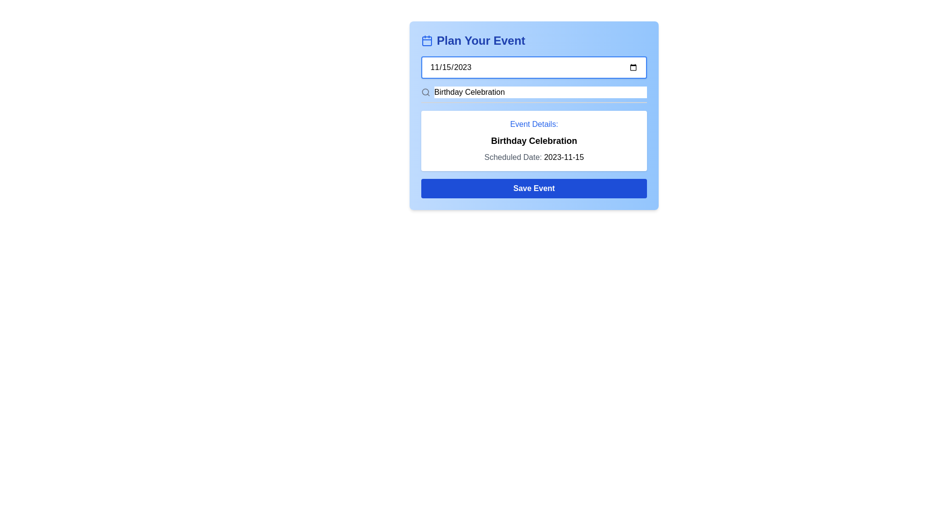 This screenshot has height=525, width=934. I want to click on the search icon component located to the left of the 'Birthday Celebration' input field, which visually represents search-related features, so click(425, 92).